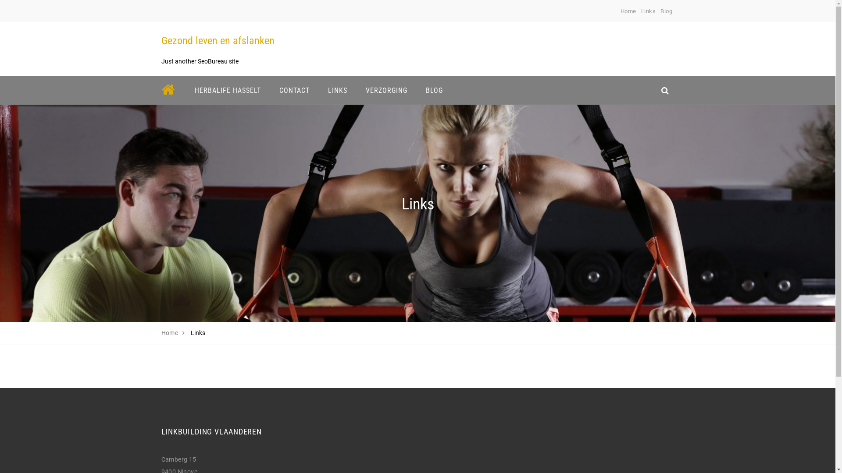  Describe the element at coordinates (227, 90) in the screenshot. I see `'HERBALIFE HASSELT'` at that location.